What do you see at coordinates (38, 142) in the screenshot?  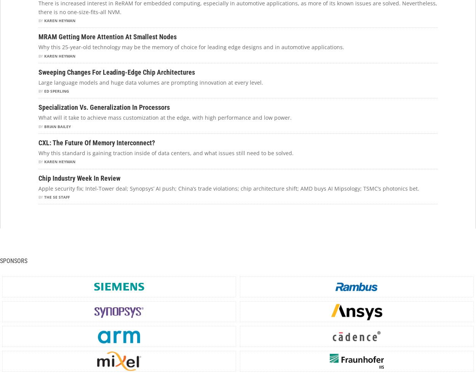 I see `'CXL: The Future Of Memory Interconnect?'` at bounding box center [38, 142].